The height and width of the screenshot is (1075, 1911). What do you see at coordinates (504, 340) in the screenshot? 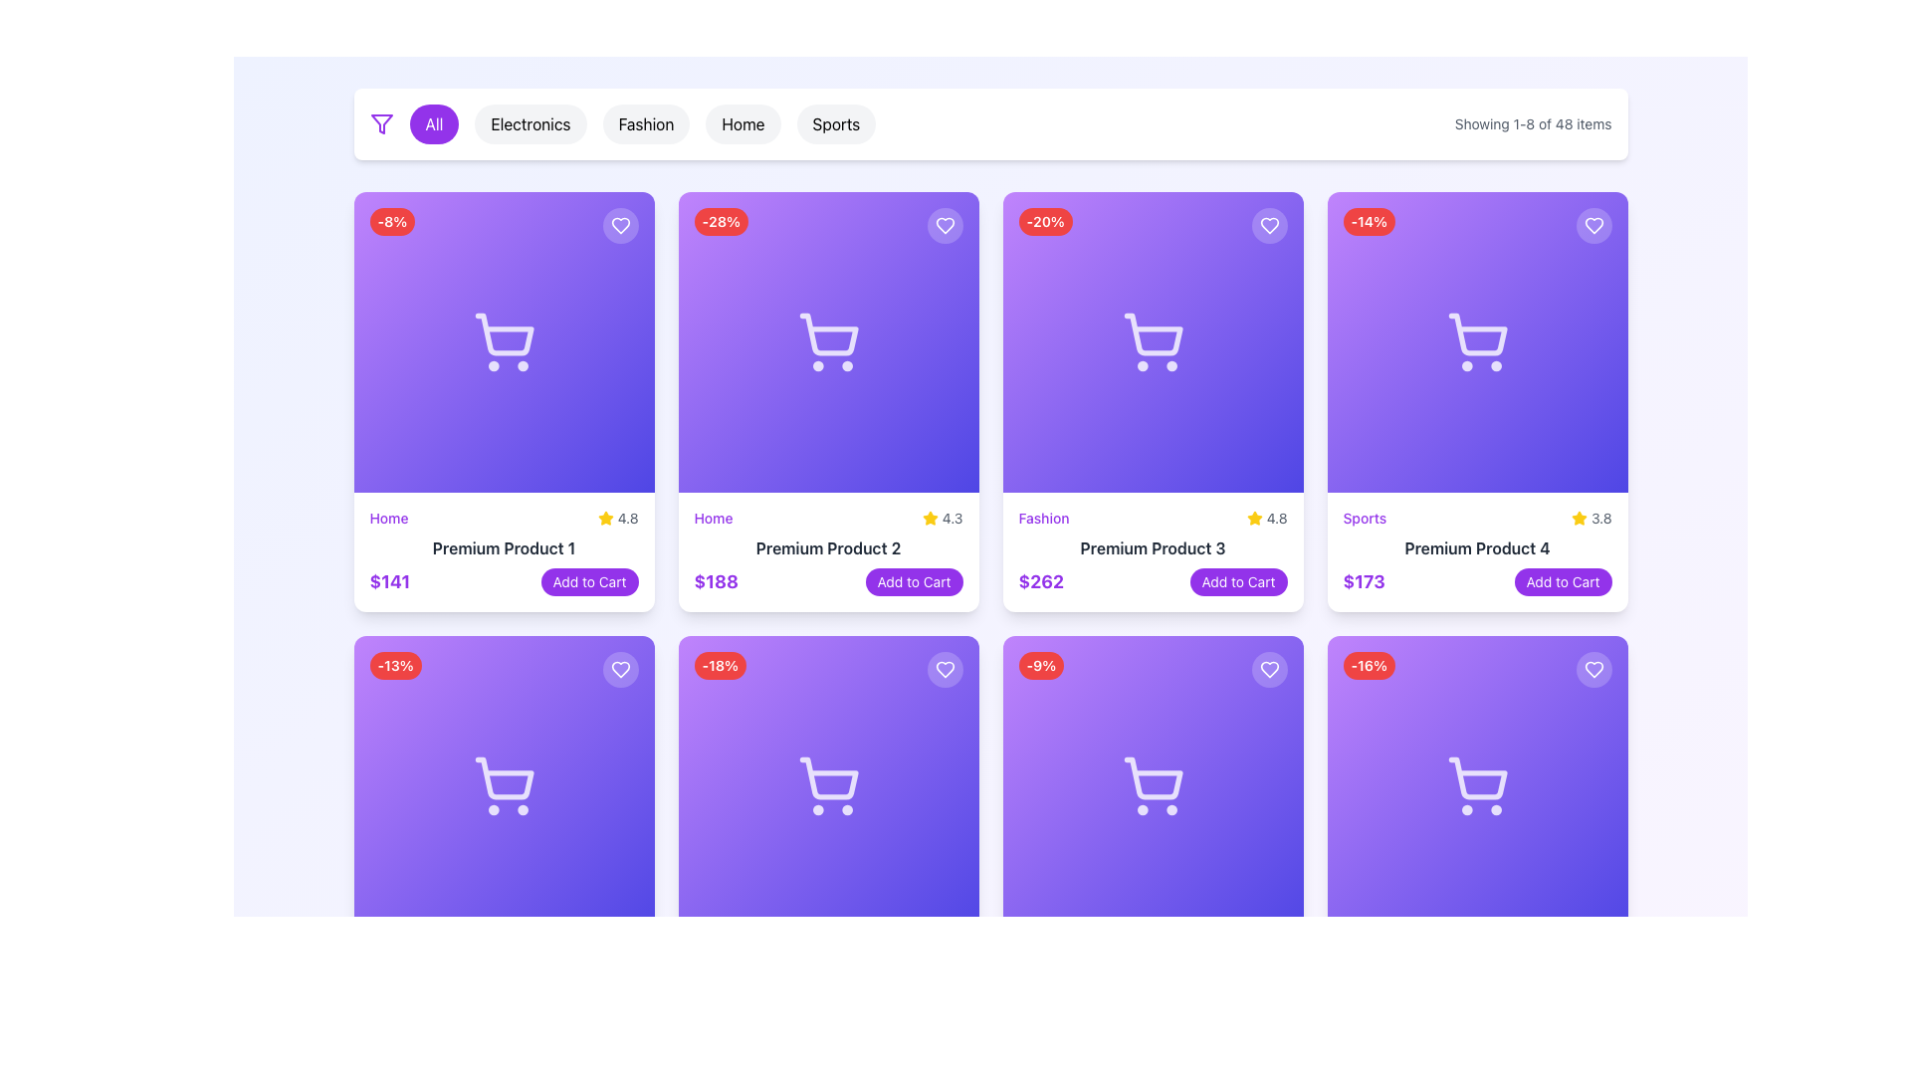
I see `the top-left product card element which is a visual placeholder for interactive actions in the shopping interface` at bounding box center [504, 340].